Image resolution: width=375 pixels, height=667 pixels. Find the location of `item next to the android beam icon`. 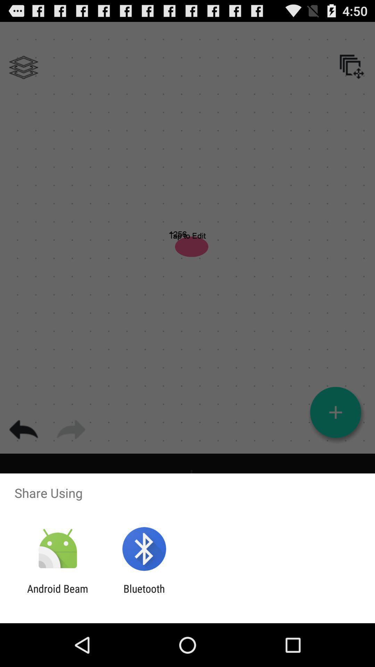

item next to the android beam icon is located at coordinates (144, 594).